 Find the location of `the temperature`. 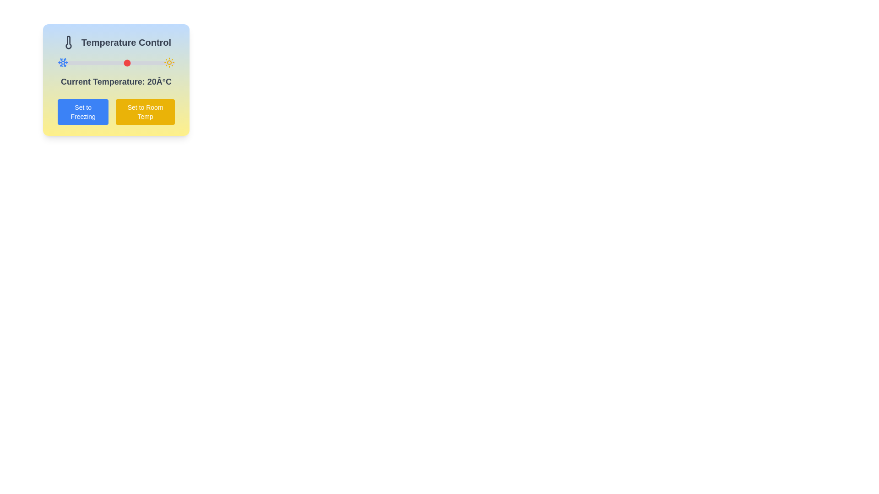

the temperature is located at coordinates (98, 63).